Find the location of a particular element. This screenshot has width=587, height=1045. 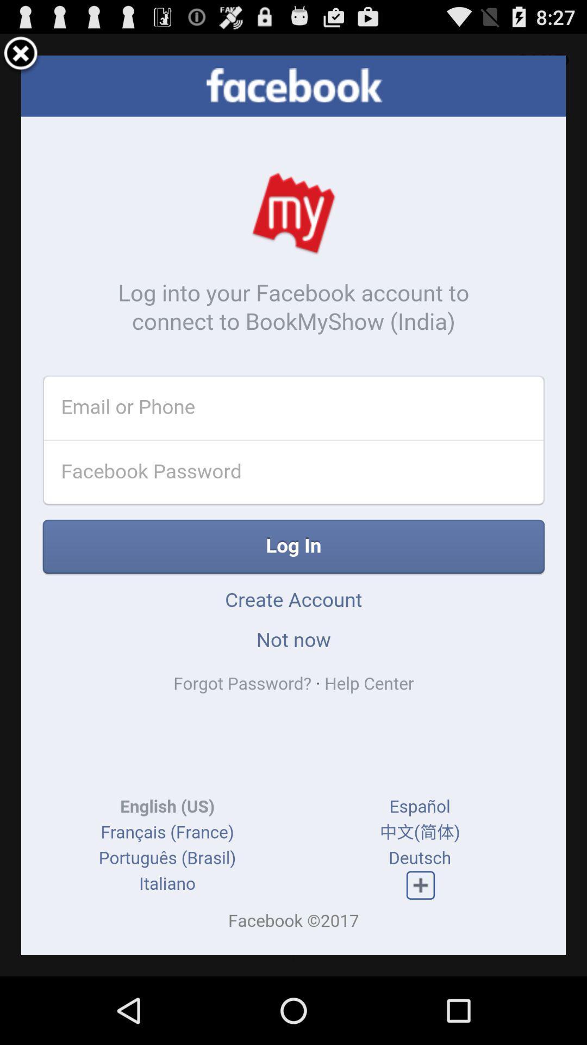

the close icon is located at coordinates (21, 58).